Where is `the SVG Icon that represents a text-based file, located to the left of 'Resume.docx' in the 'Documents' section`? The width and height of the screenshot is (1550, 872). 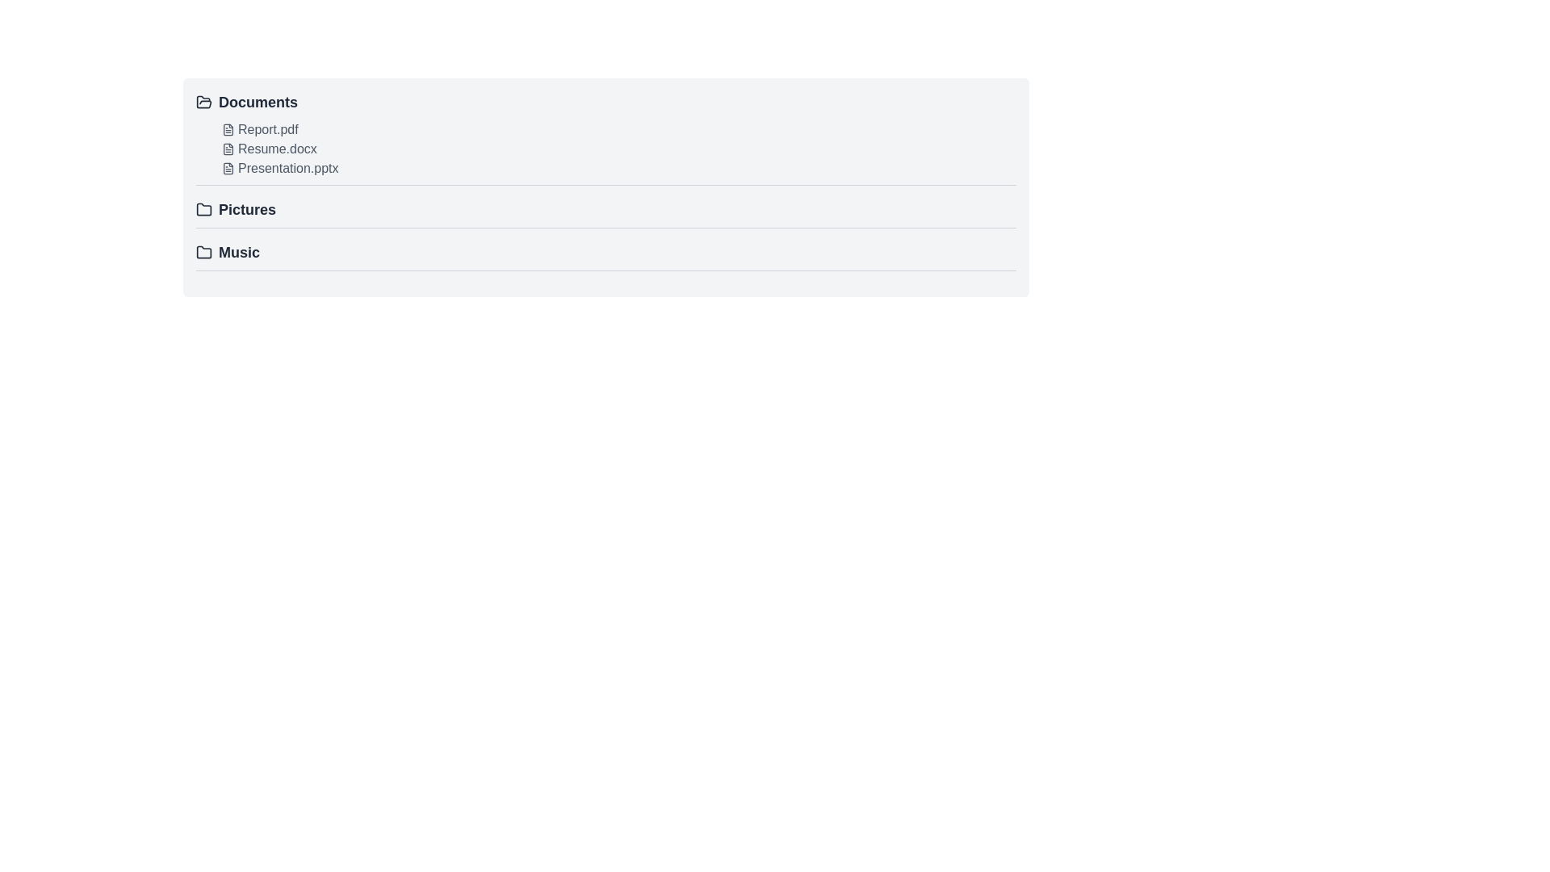
the SVG Icon that represents a text-based file, located to the left of 'Resume.docx' in the 'Documents' section is located at coordinates (228, 149).